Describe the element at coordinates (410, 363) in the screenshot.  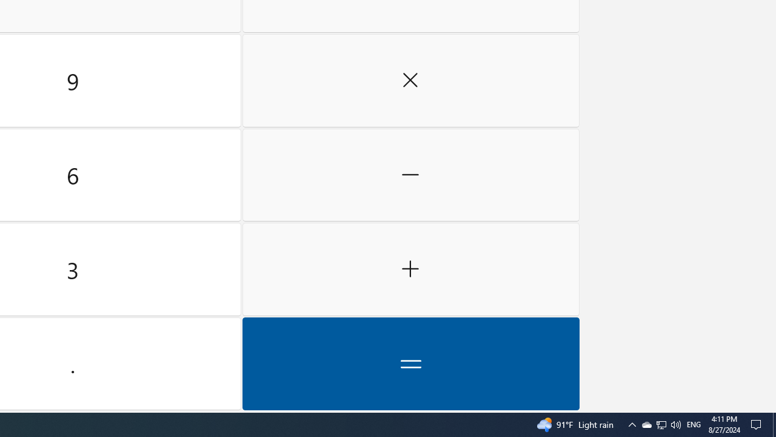
I see `'Equals'` at that location.